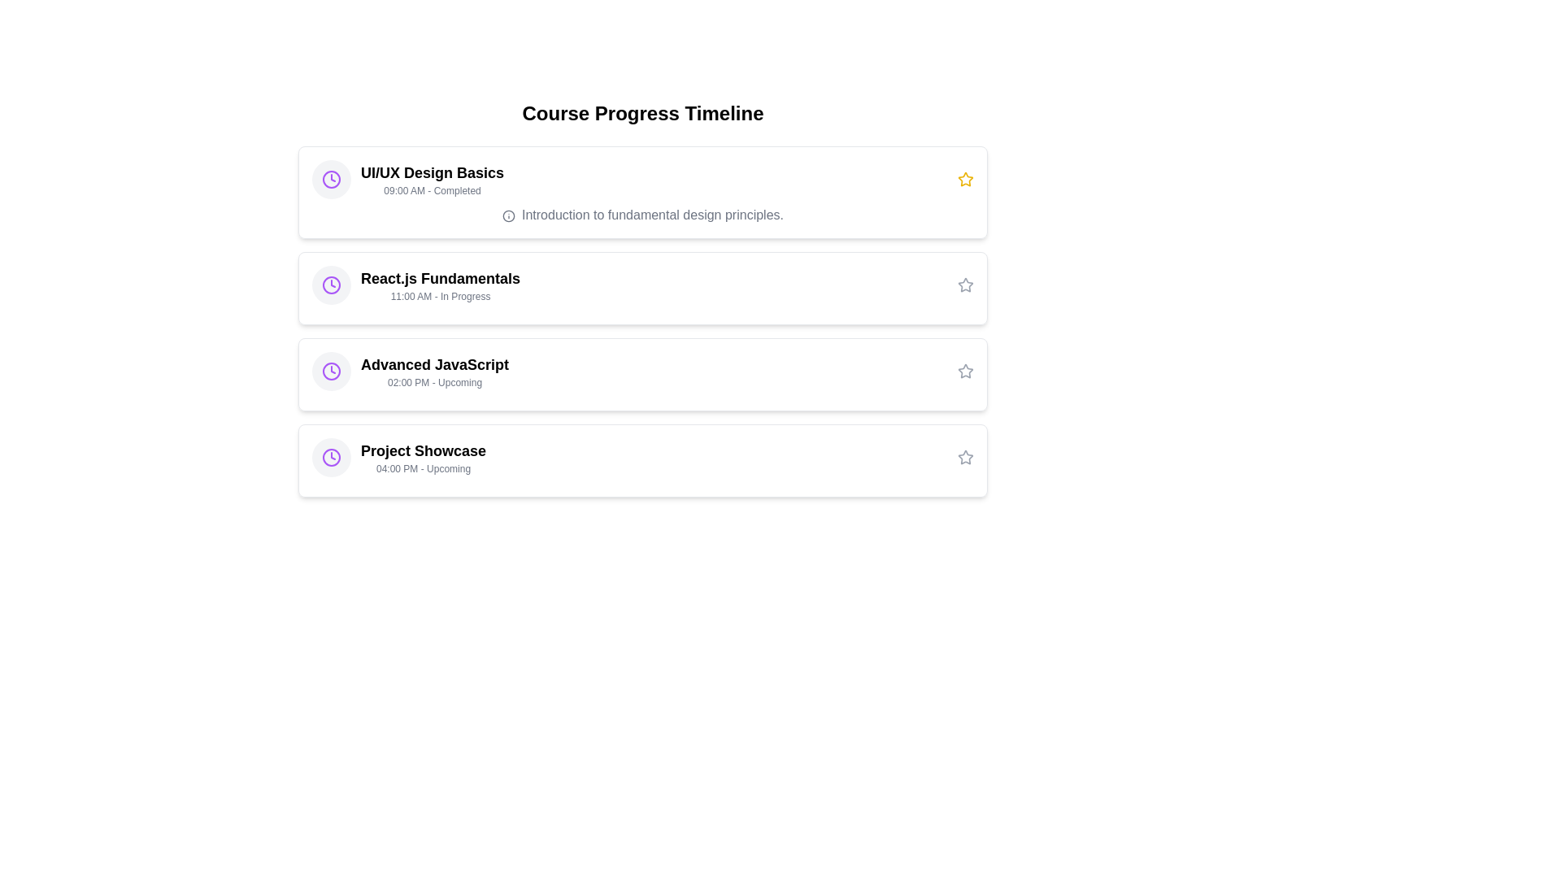 The image size is (1561, 878). Describe the element at coordinates (331, 179) in the screenshot. I see `the circular icon with a light gray background and a purple clock glyph, located at the beginning of the row for 'UI/UX Design Basics' in the 'Course Progress Timeline'` at that location.